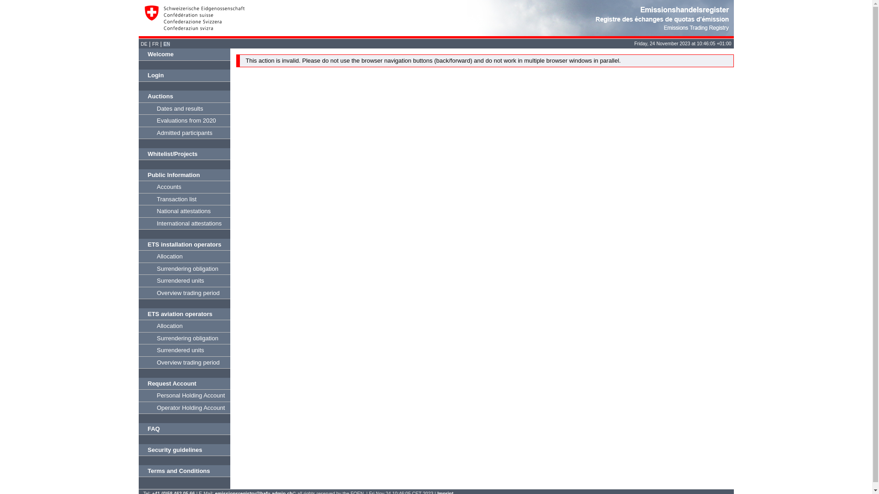 The width and height of the screenshot is (879, 494). Describe the element at coordinates (184, 257) in the screenshot. I see `'Allocation'` at that location.